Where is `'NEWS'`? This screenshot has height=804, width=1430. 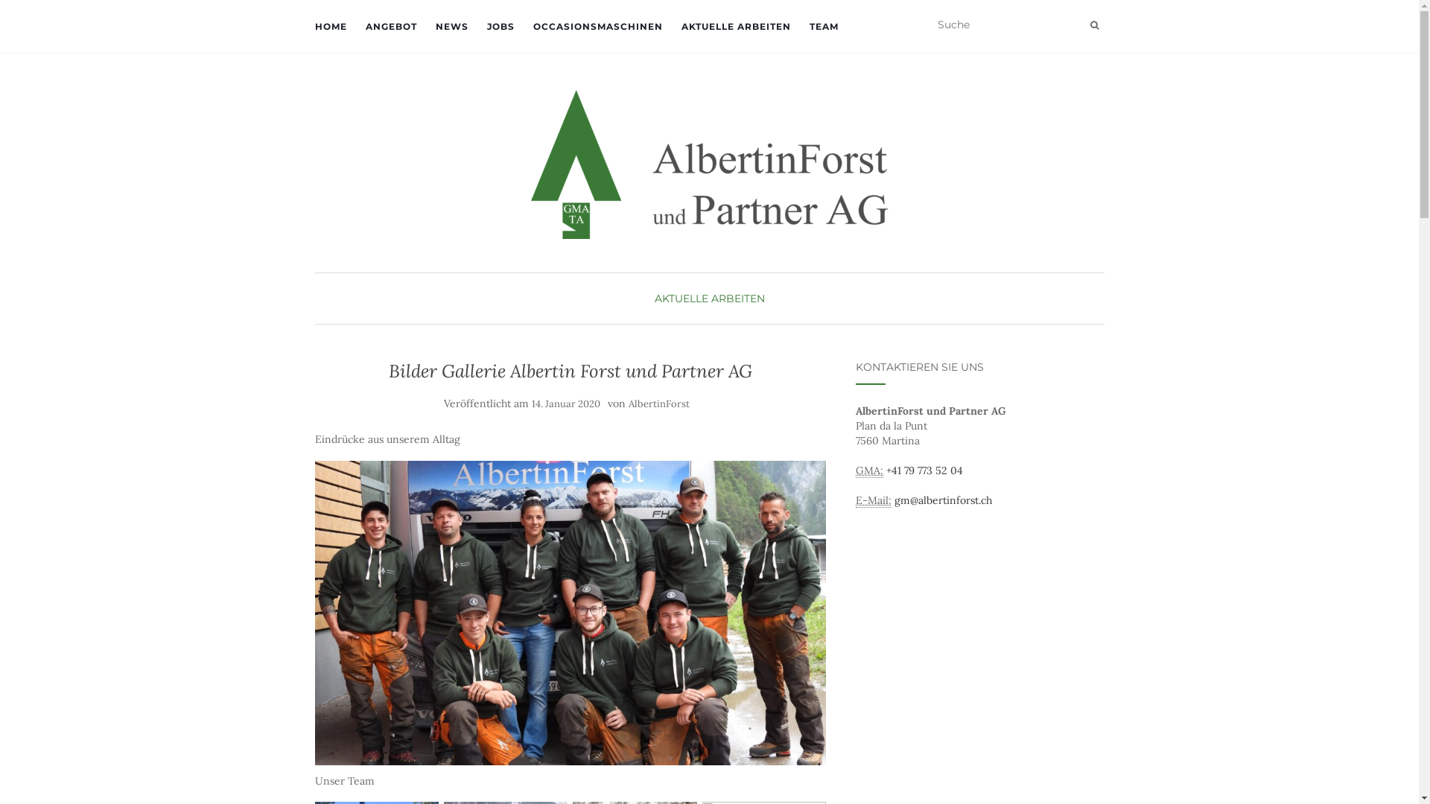
'NEWS' is located at coordinates (450, 26).